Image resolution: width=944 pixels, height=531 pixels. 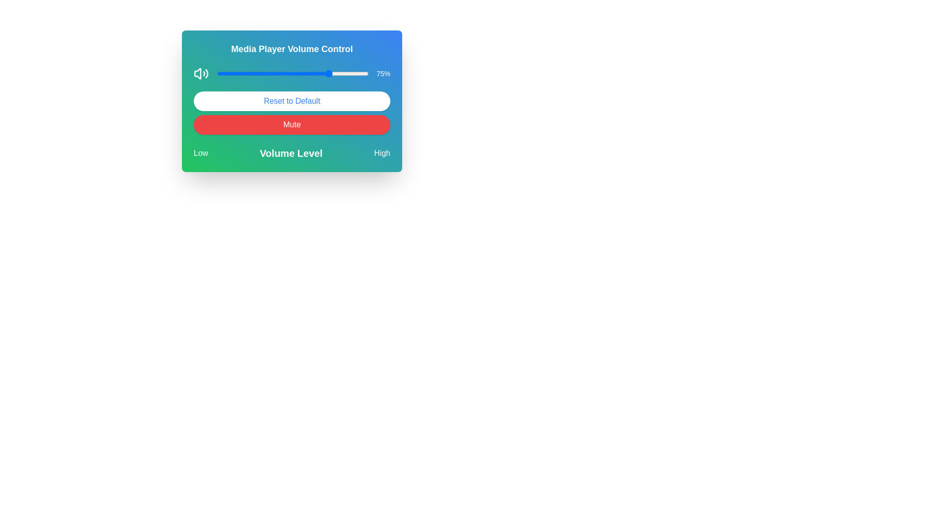 What do you see at coordinates (244, 73) in the screenshot?
I see `the volume` at bounding box center [244, 73].